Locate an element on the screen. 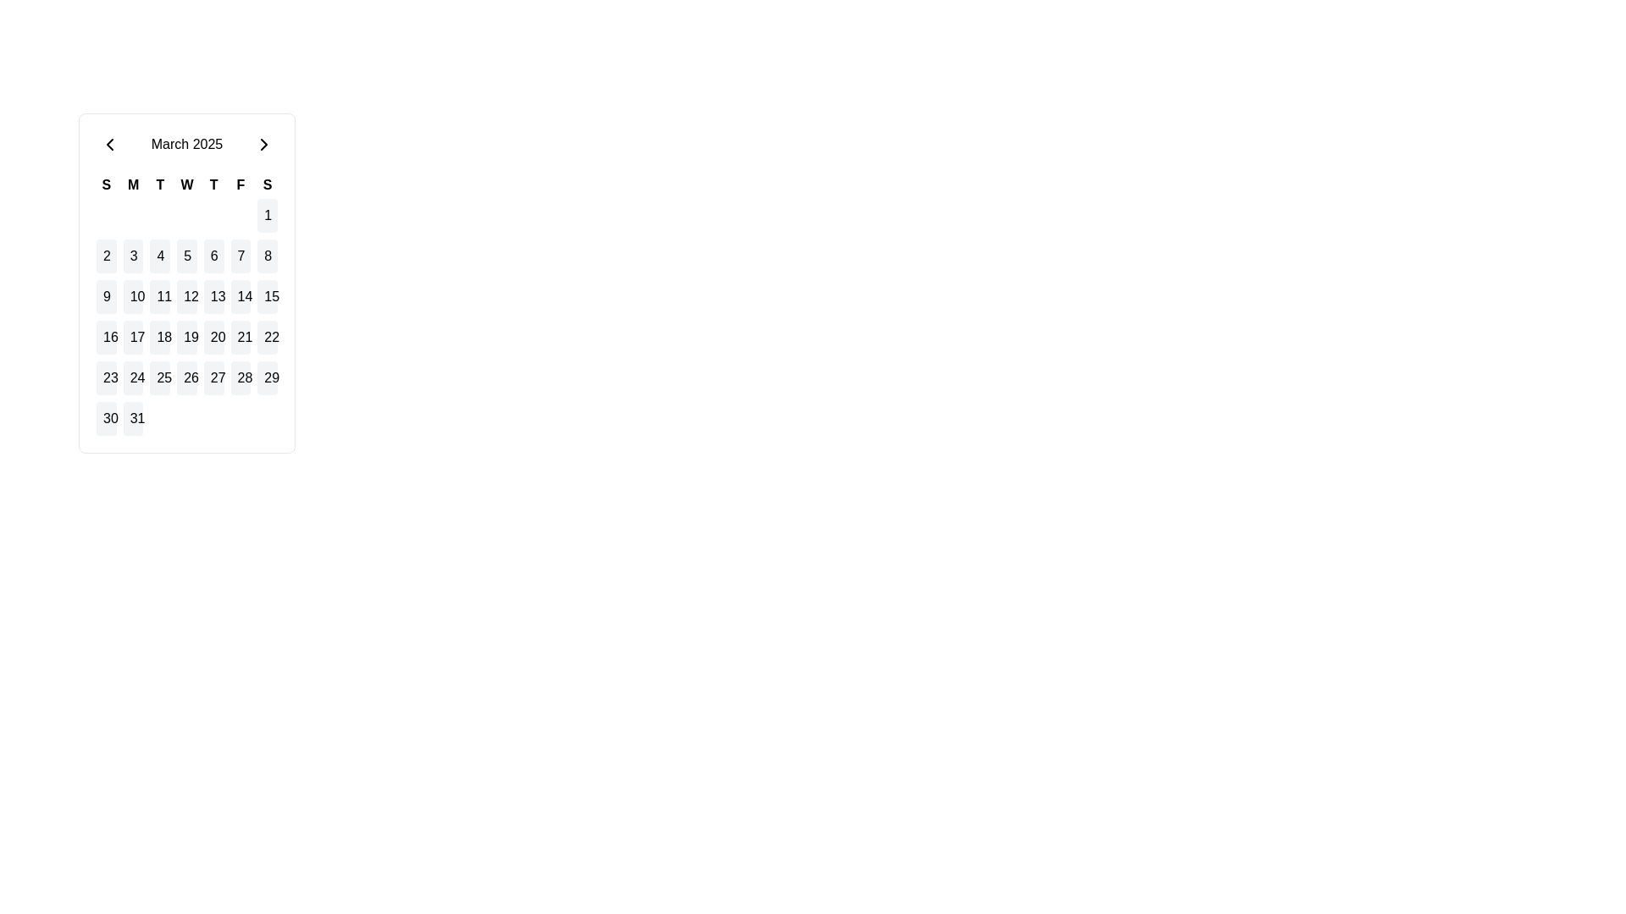  the navigation button located to the left of the month display ('March 2025') is located at coordinates (108, 143).